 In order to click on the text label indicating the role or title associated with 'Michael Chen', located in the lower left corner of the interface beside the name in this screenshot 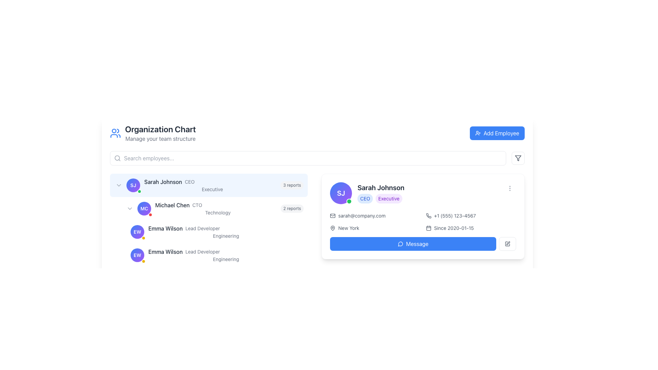, I will do `click(197, 205)`.